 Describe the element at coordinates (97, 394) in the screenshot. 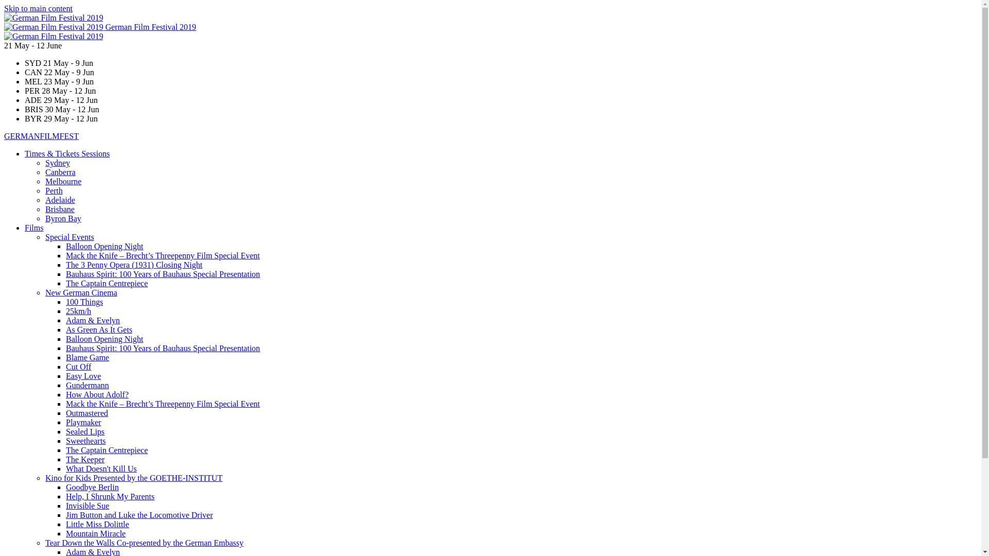

I see `'How About Adolf?'` at that location.